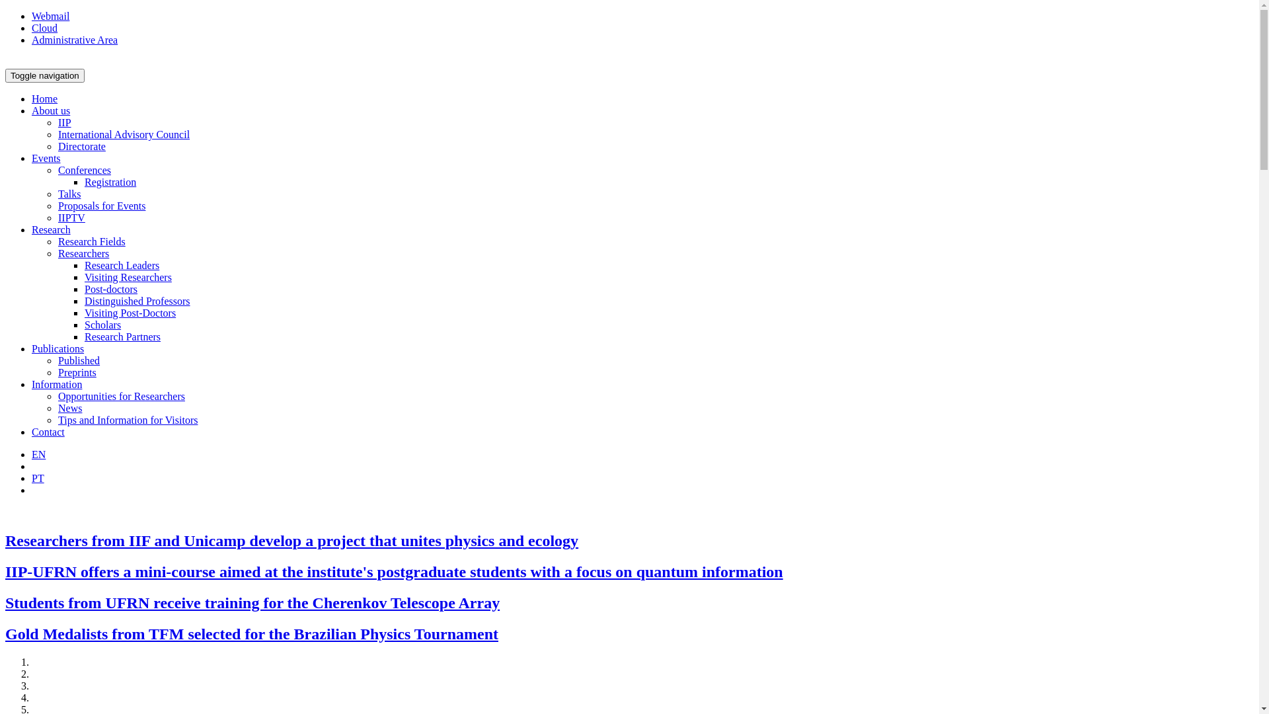  Describe the element at coordinates (130, 313) in the screenshot. I see `'Visiting Post-Doctors'` at that location.